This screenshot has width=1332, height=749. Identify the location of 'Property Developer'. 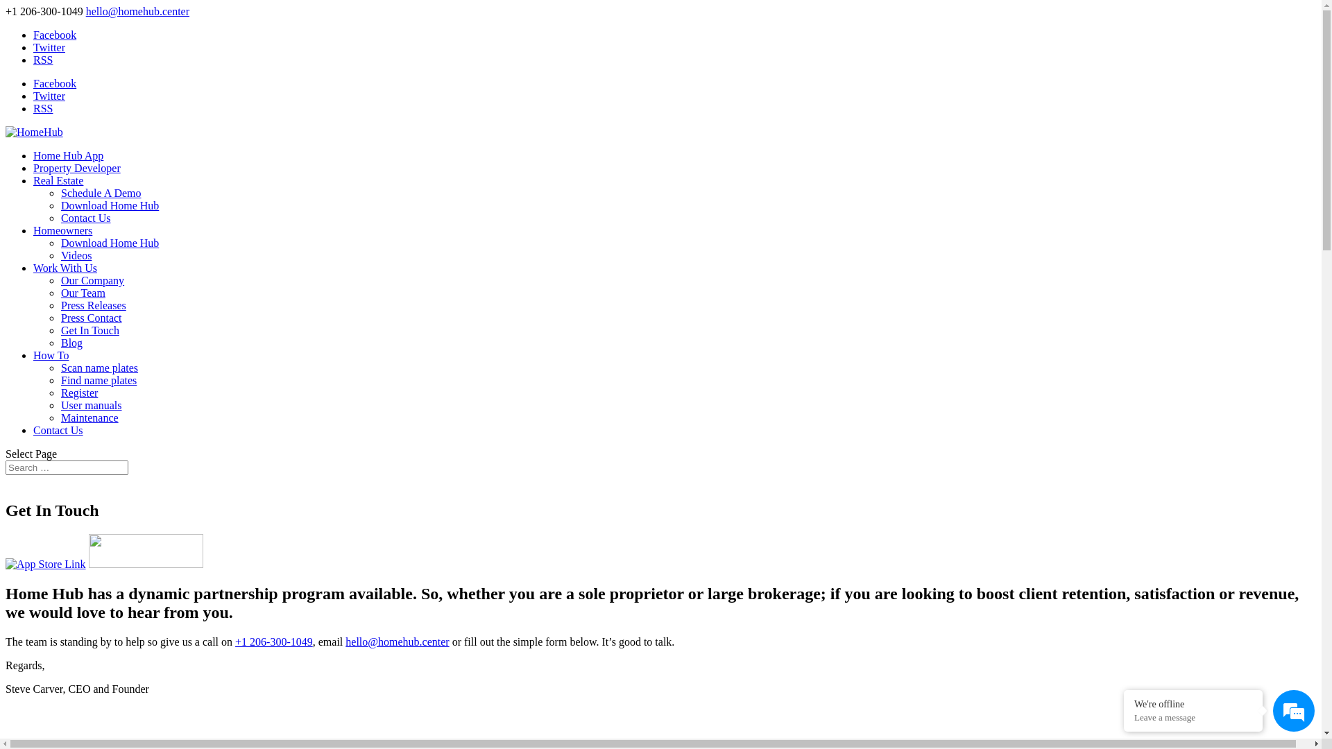
(76, 167).